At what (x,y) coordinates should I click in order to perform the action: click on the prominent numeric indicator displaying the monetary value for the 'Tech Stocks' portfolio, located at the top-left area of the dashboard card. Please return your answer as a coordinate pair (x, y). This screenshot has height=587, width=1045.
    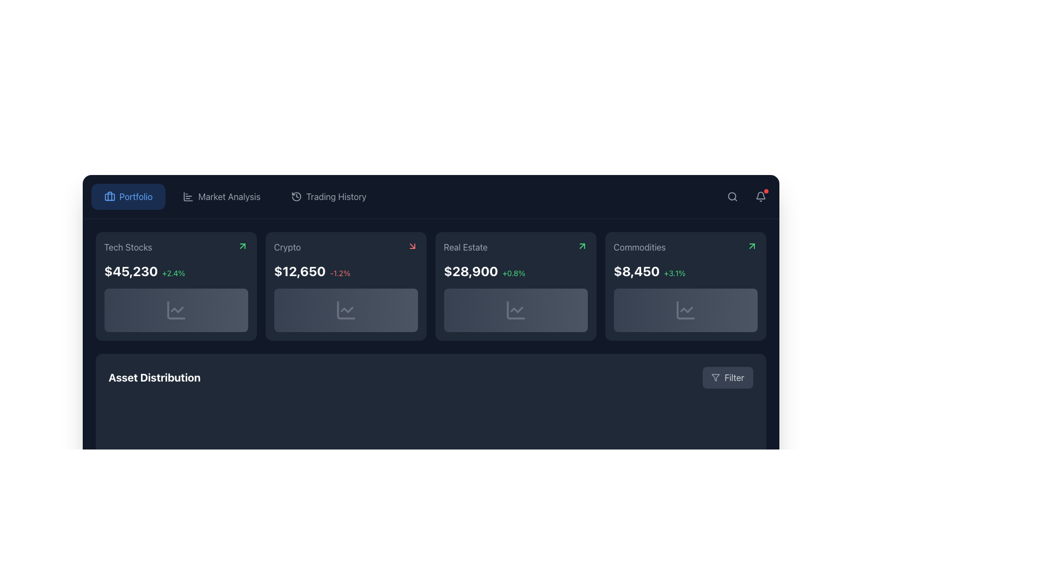
    Looking at the image, I should click on (131, 270).